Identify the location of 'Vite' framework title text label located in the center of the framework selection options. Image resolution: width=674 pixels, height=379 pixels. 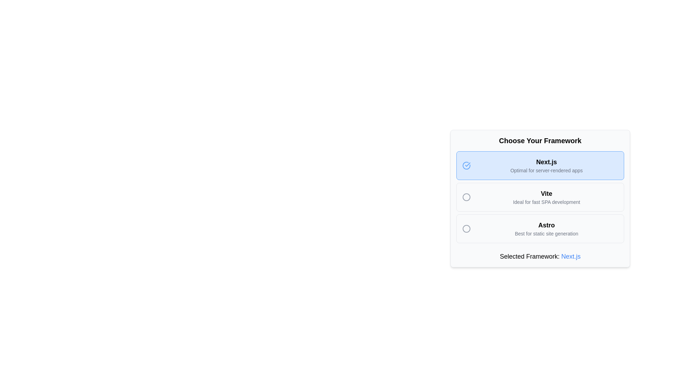
(546, 193).